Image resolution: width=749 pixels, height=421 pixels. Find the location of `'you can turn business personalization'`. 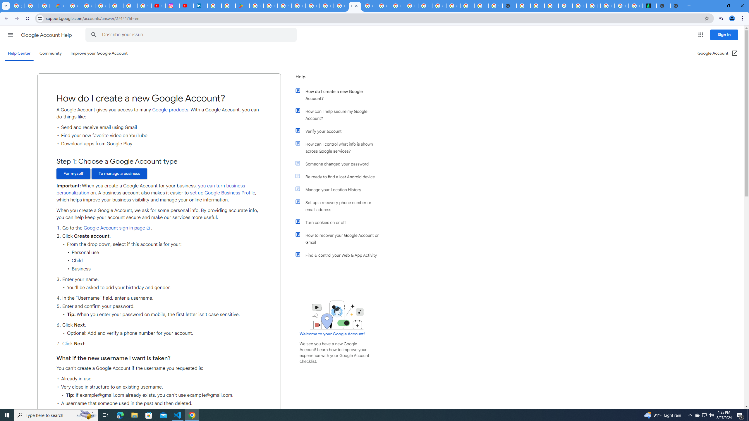

'you can turn business personalization' is located at coordinates (150, 189).